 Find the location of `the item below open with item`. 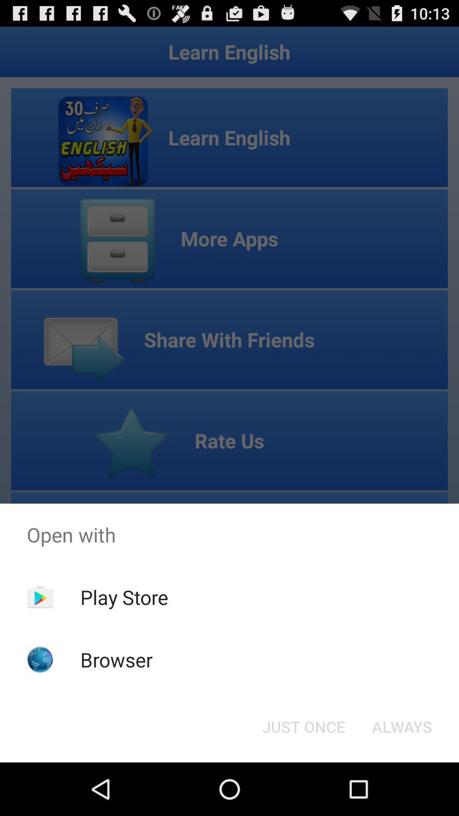

the item below open with item is located at coordinates (124, 597).